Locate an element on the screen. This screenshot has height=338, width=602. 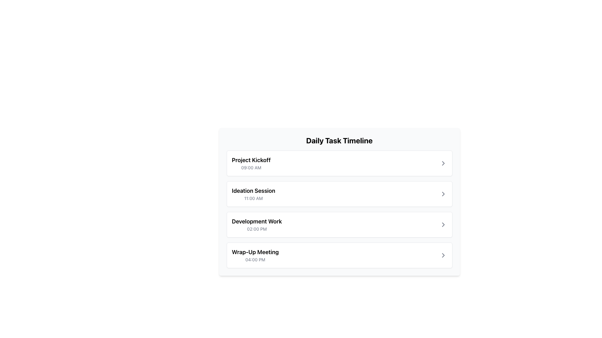
information displayed in the 'Development Work' text label, which shows the title and time in the Daily Task Timeline section is located at coordinates (257, 224).